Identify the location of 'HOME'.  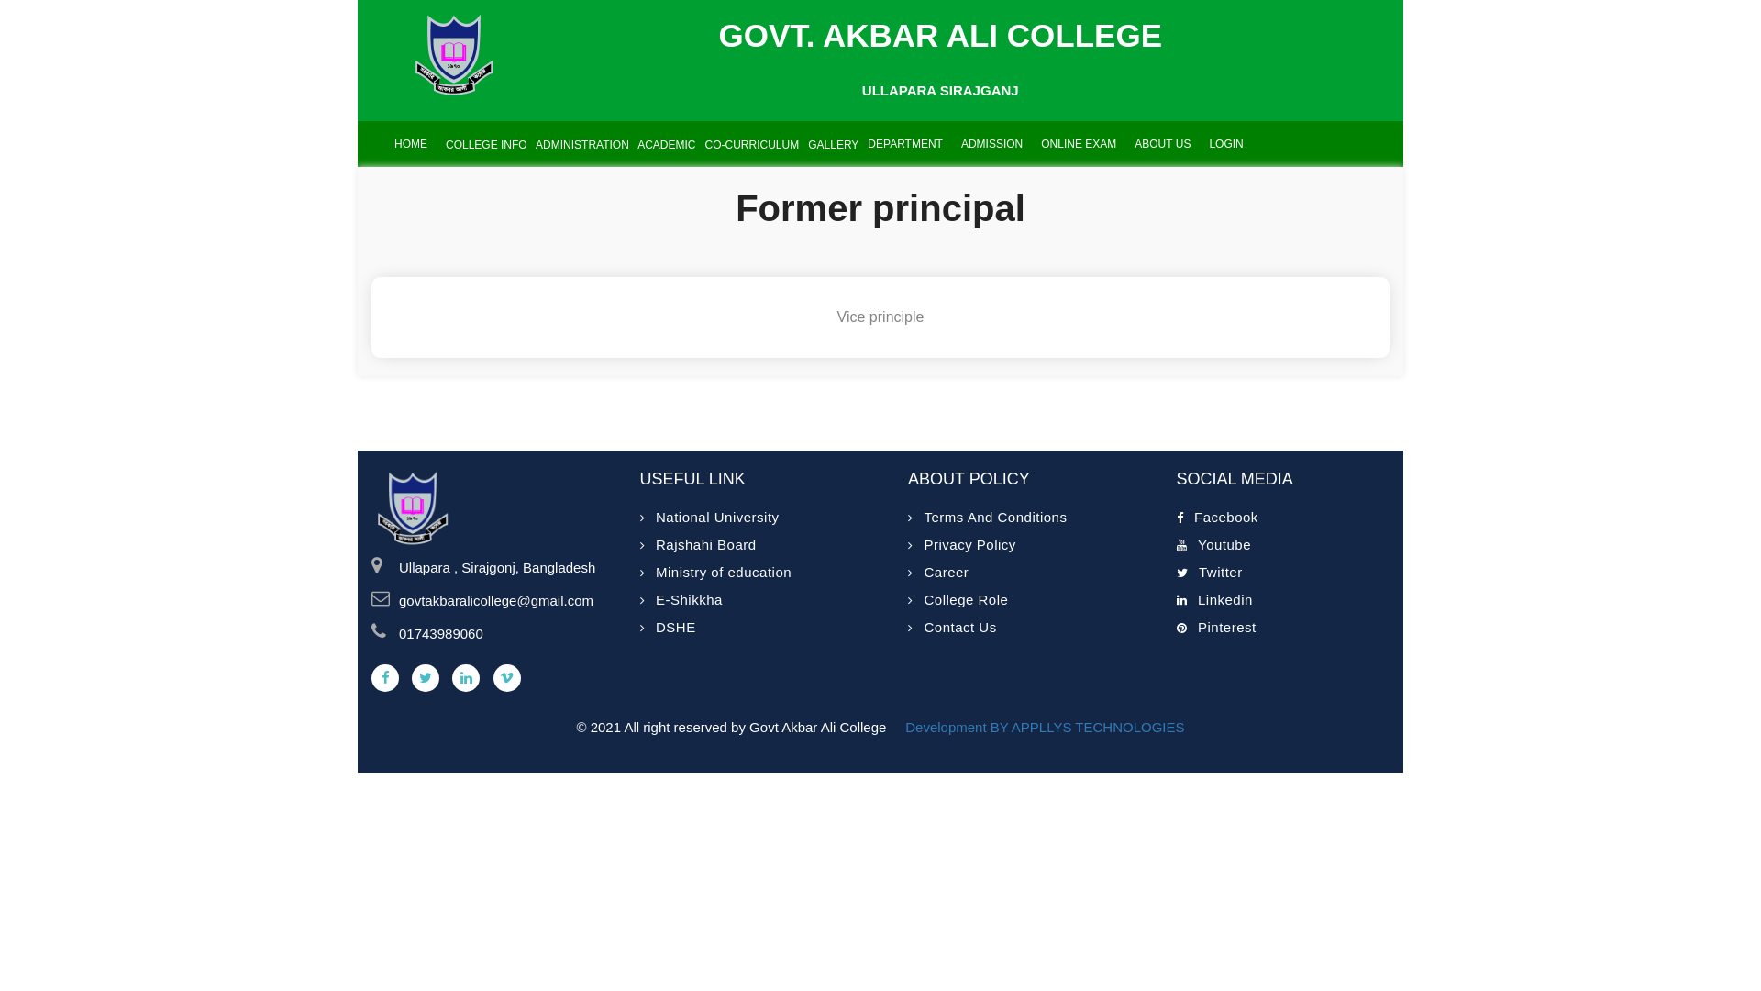
(409, 143).